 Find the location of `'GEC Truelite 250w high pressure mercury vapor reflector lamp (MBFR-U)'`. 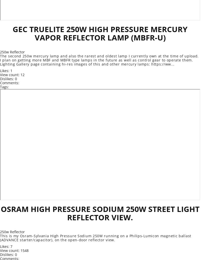

'GEC Truelite 250w high pressure mercury vapor reflector lamp (MBFR-U)' is located at coordinates (12, 33).